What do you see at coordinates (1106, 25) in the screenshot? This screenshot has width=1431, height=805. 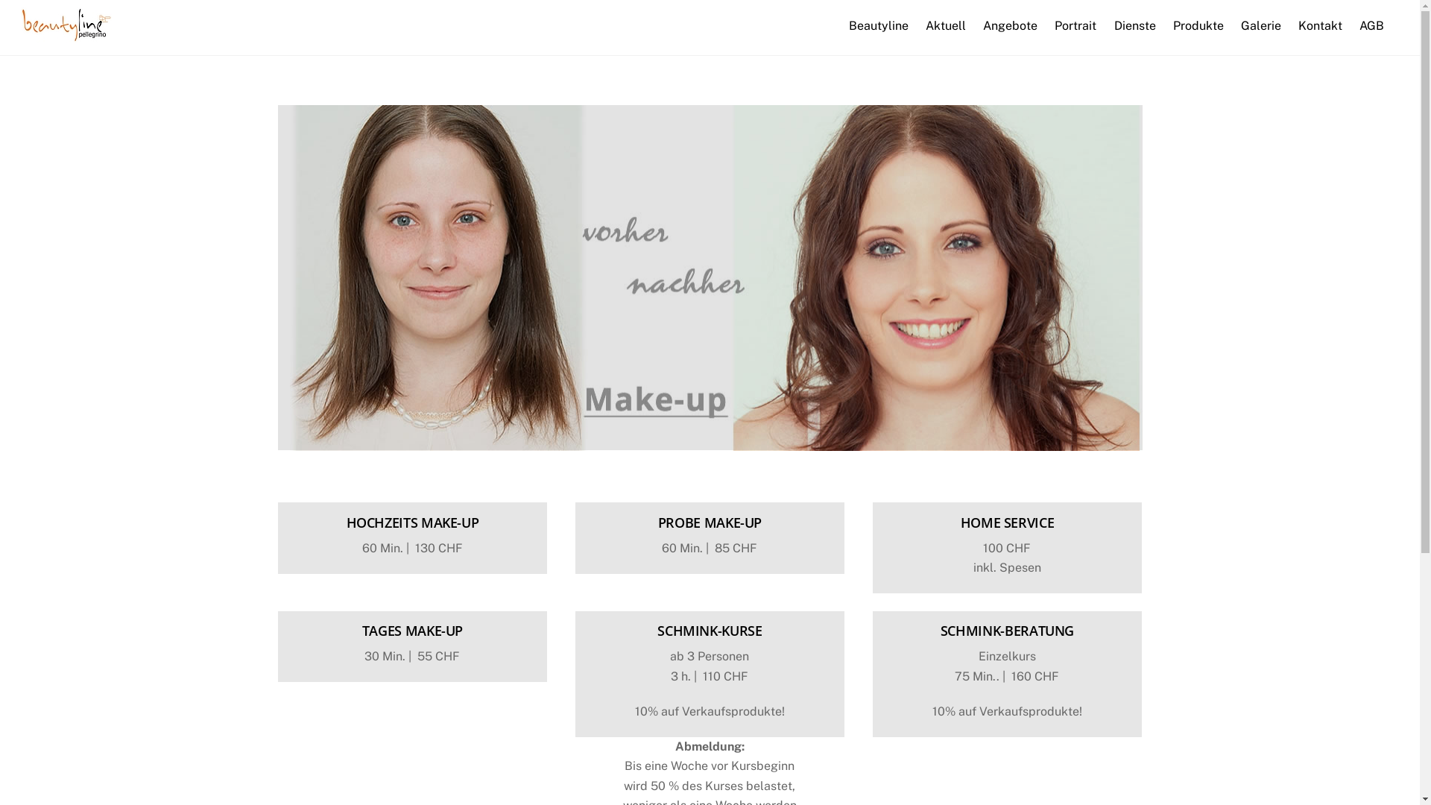 I see `'Dienste'` at bounding box center [1106, 25].